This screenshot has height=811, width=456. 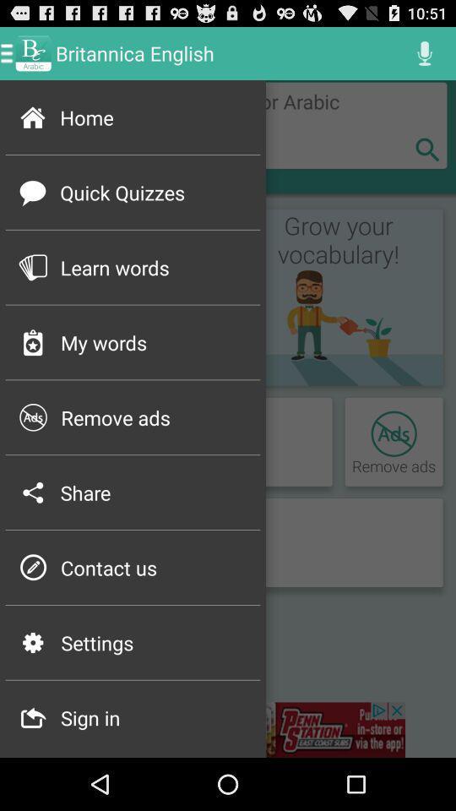 I want to click on settings, so click(x=155, y=642).